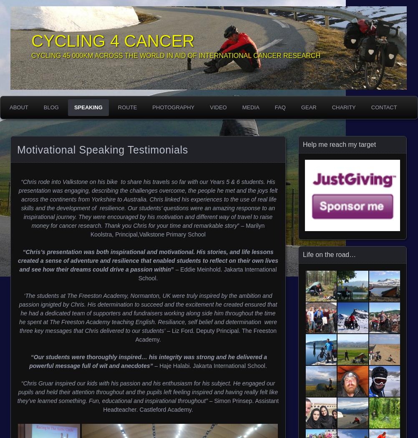 The image size is (418, 438). What do you see at coordinates (17, 149) in the screenshot?
I see `'Motivational Speaking Testimonials'` at bounding box center [17, 149].